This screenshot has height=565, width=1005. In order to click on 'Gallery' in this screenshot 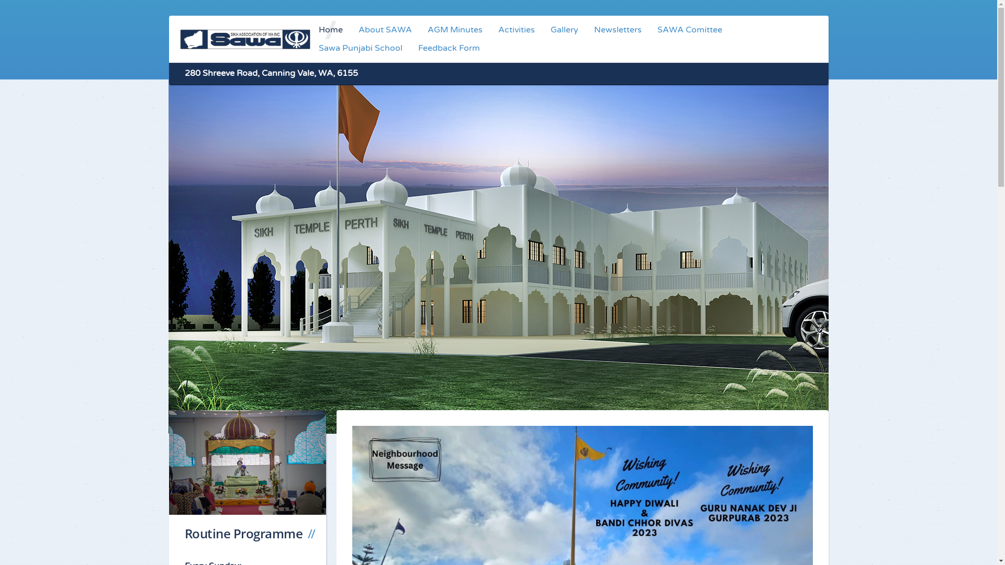, I will do `click(542, 29)`.